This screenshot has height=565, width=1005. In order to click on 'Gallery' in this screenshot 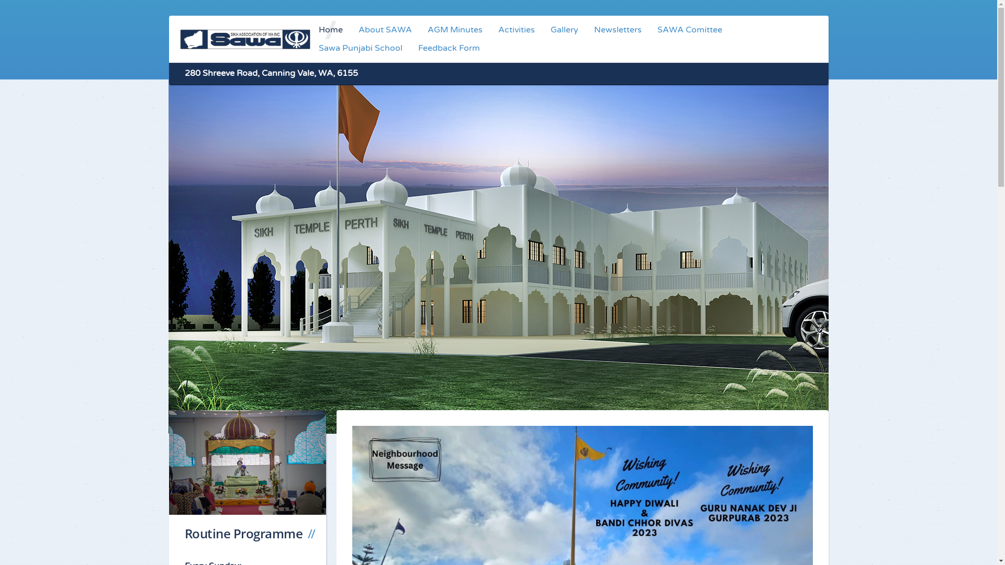, I will do `click(542, 29)`.